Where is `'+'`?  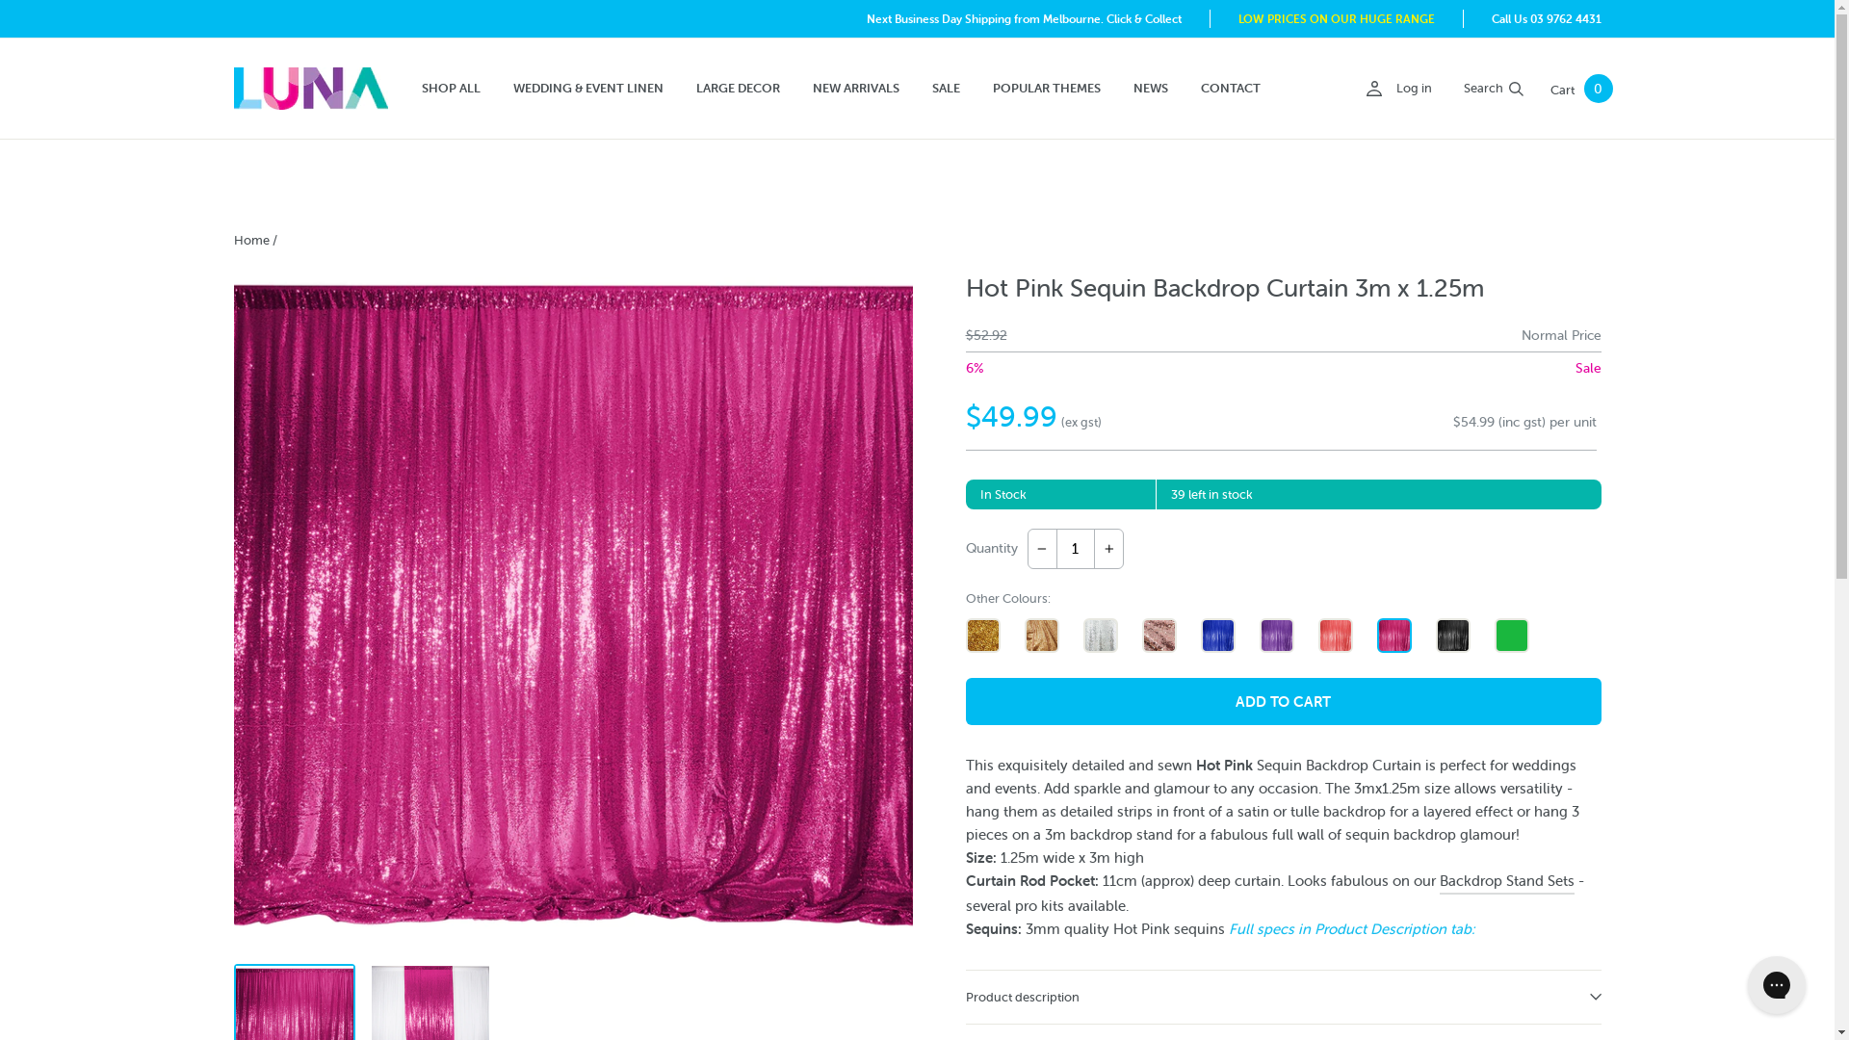
'+' is located at coordinates (1108, 549).